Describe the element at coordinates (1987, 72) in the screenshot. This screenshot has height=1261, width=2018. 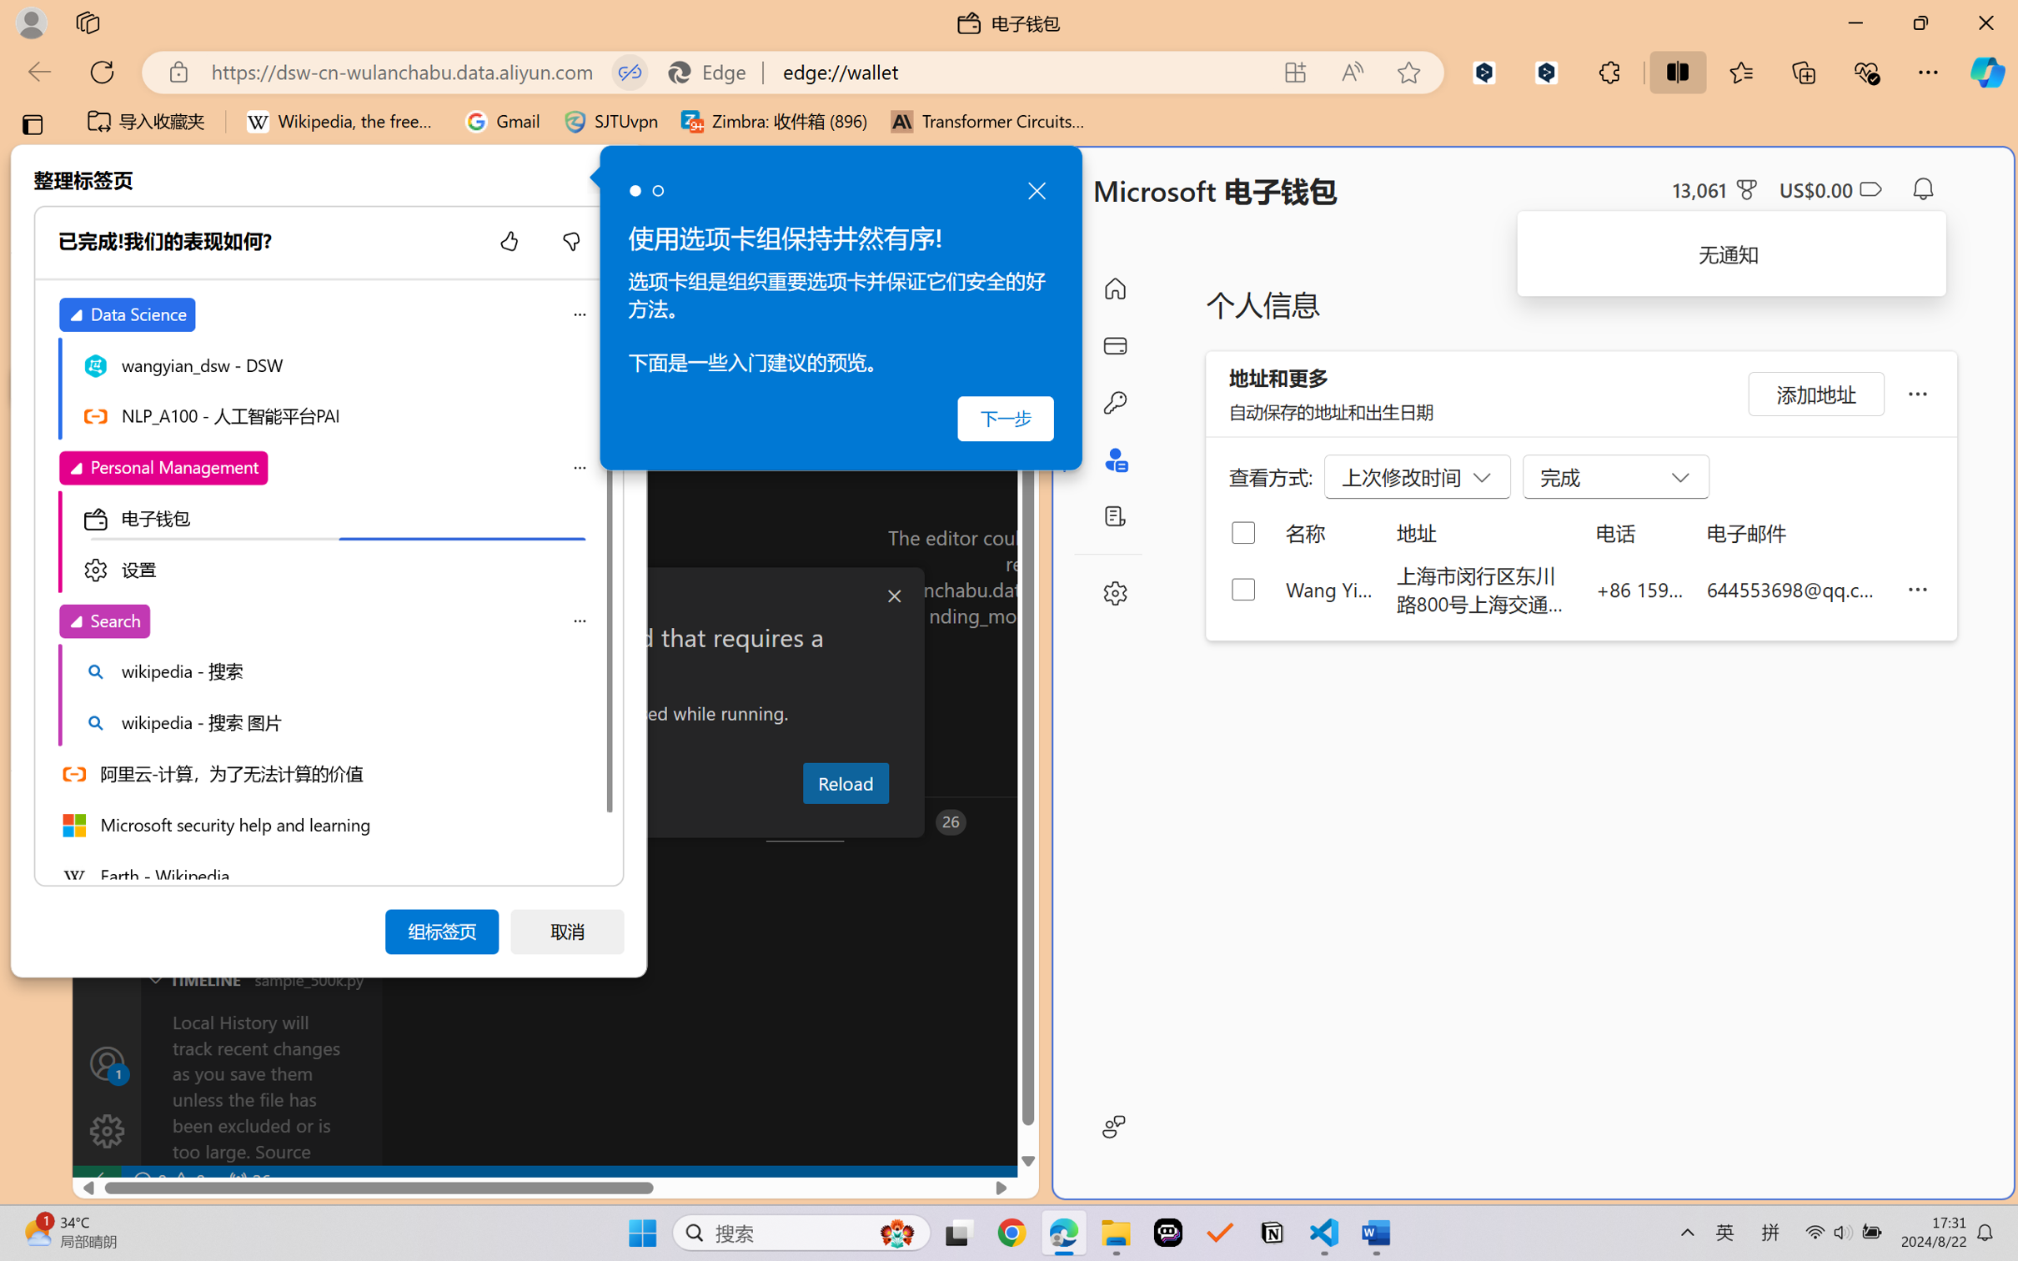
I see `'Copilot (Ctrl+Shift+.)'` at that location.